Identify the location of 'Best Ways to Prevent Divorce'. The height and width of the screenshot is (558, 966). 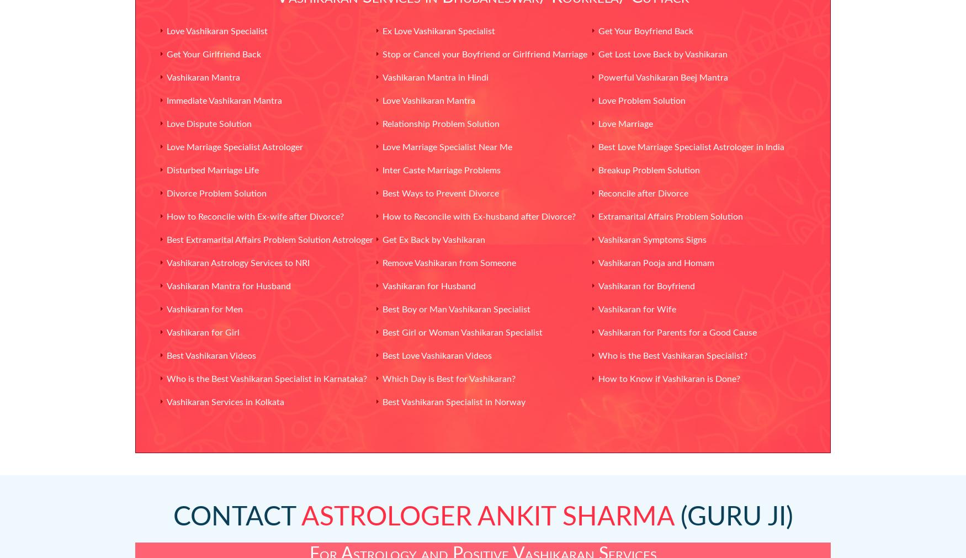
(439, 193).